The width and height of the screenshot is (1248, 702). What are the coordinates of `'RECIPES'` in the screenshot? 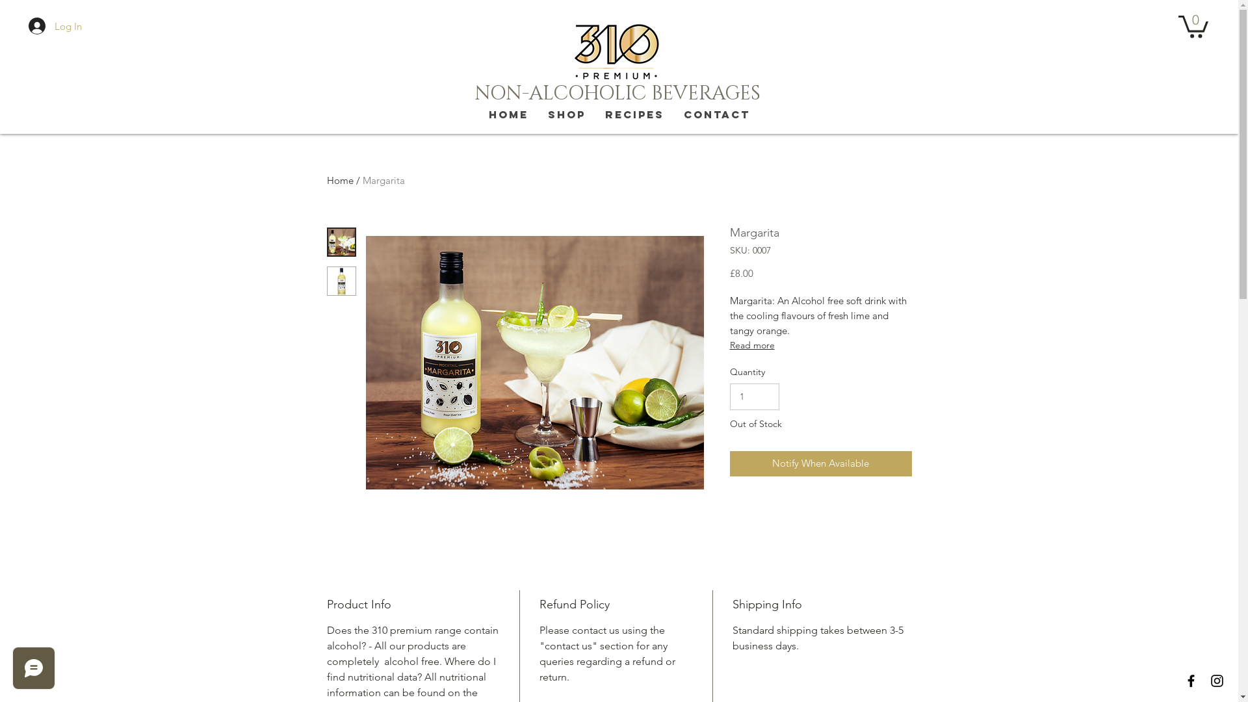 It's located at (595, 114).